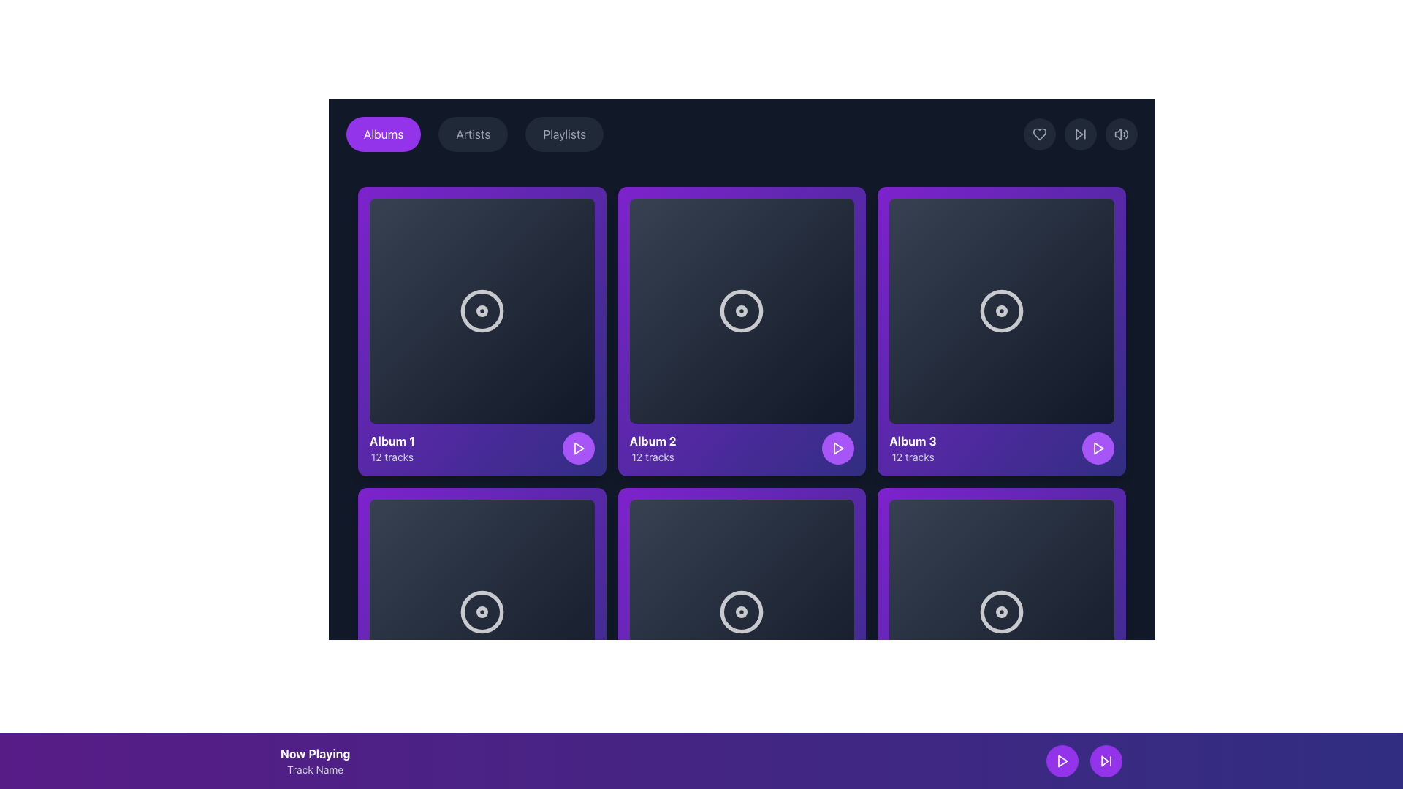 Image resolution: width=1403 pixels, height=789 pixels. Describe the element at coordinates (1001, 611) in the screenshot. I see `the disc icon in the lower-right cell of the album grid for interaction` at that location.